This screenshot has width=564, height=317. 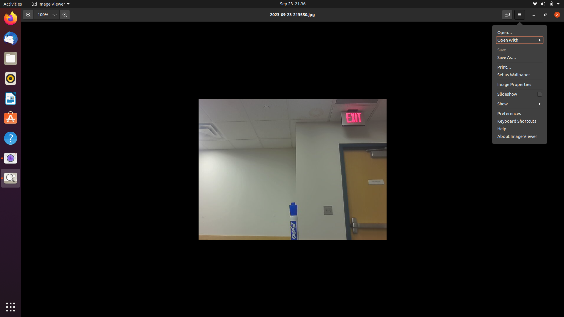 I want to click on Terminate the menu display, so click(x=520, y=14).